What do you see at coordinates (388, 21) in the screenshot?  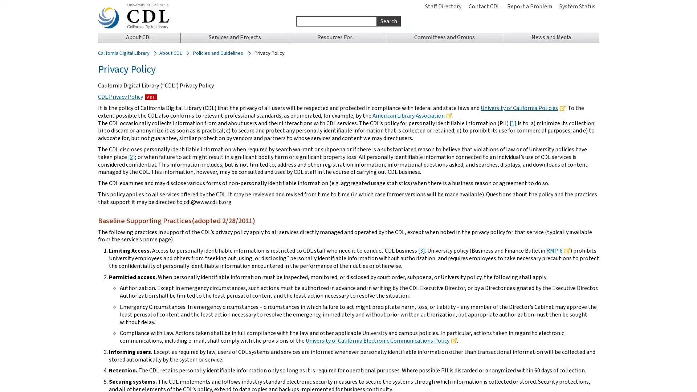 I see `Search` at bounding box center [388, 21].